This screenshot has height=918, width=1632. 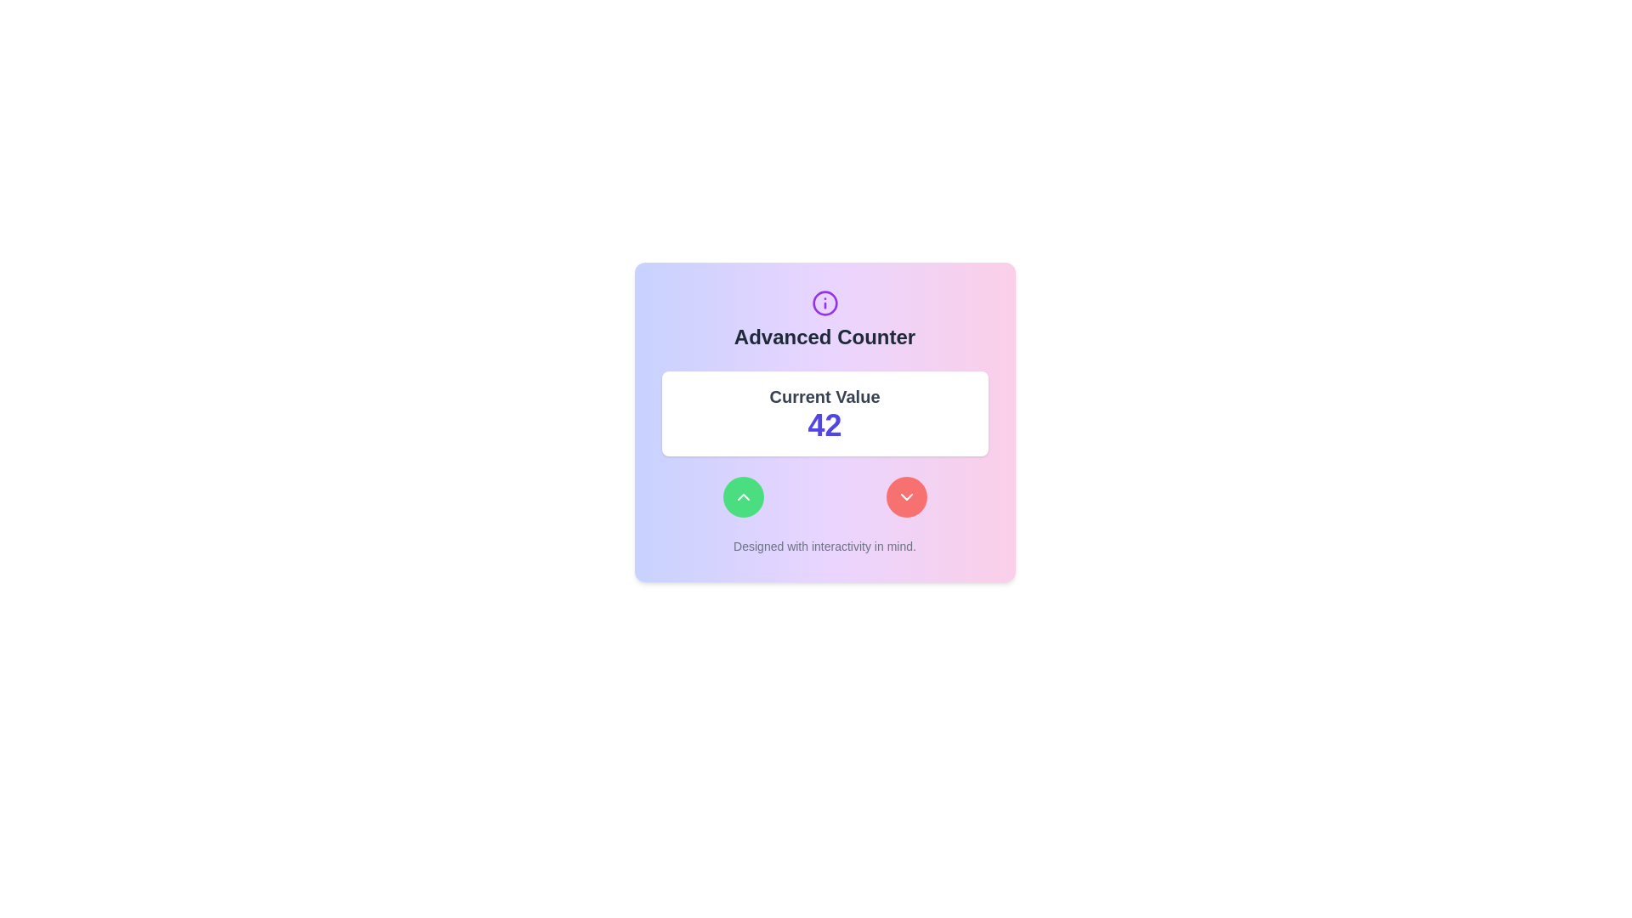 What do you see at coordinates (824, 303) in the screenshot?
I see `the circular decorative component of the info icon located at the top of the card above the 'Advanced Counter' heading` at bounding box center [824, 303].